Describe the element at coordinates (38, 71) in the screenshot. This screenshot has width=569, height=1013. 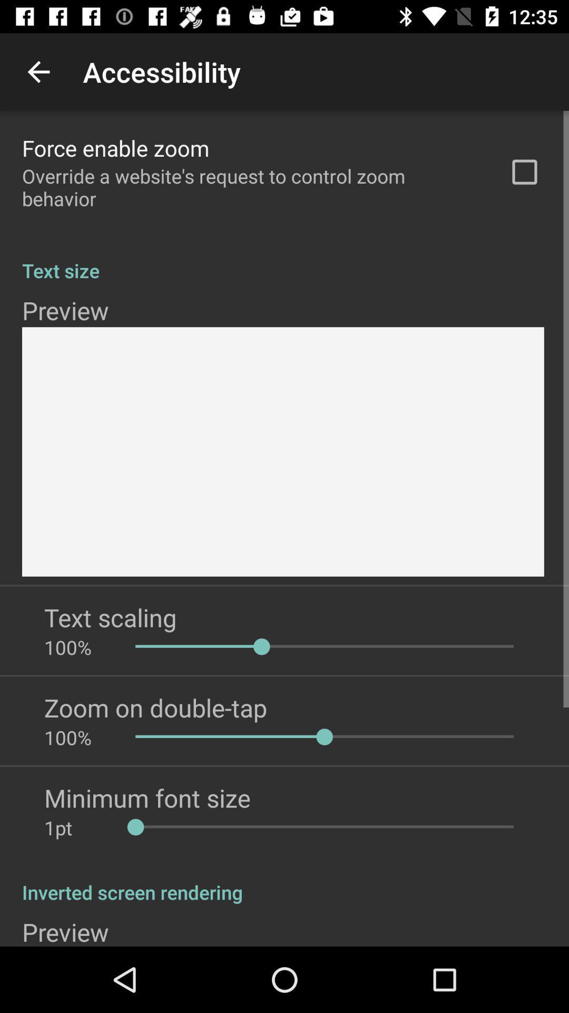
I see `item next to accessibility item` at that location.